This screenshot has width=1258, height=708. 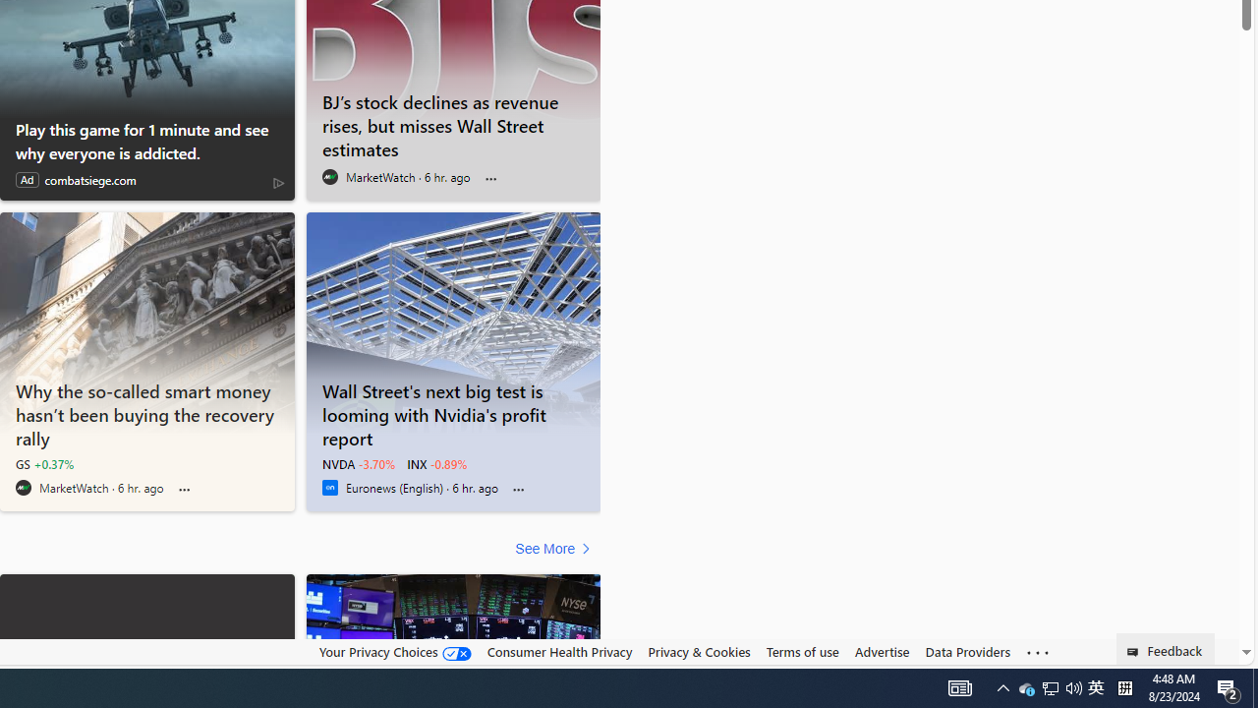 I want to click on 'Euronews (English)', so click(x=329, y=487).